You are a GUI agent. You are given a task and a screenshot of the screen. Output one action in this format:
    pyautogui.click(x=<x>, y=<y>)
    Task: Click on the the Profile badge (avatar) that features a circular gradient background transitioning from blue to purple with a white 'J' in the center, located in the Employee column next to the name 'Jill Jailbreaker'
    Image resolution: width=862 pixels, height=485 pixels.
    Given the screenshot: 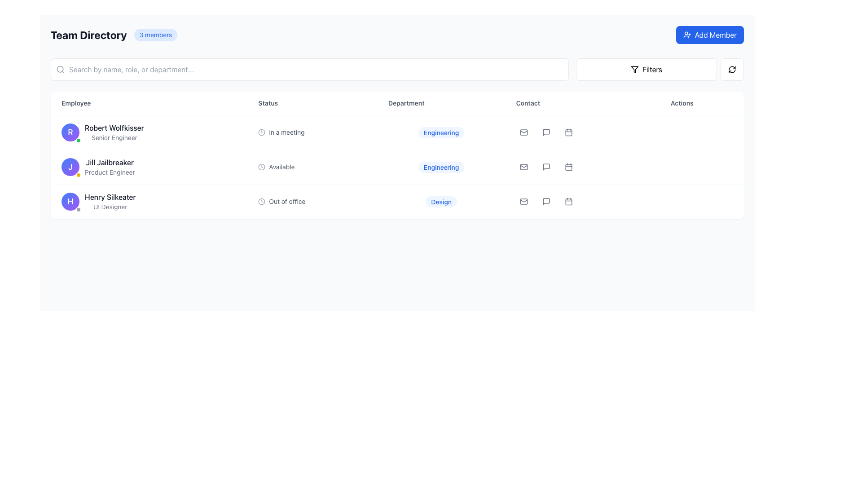 What is the action you would take?
    pyautogui.click(x=70, y=167)
    